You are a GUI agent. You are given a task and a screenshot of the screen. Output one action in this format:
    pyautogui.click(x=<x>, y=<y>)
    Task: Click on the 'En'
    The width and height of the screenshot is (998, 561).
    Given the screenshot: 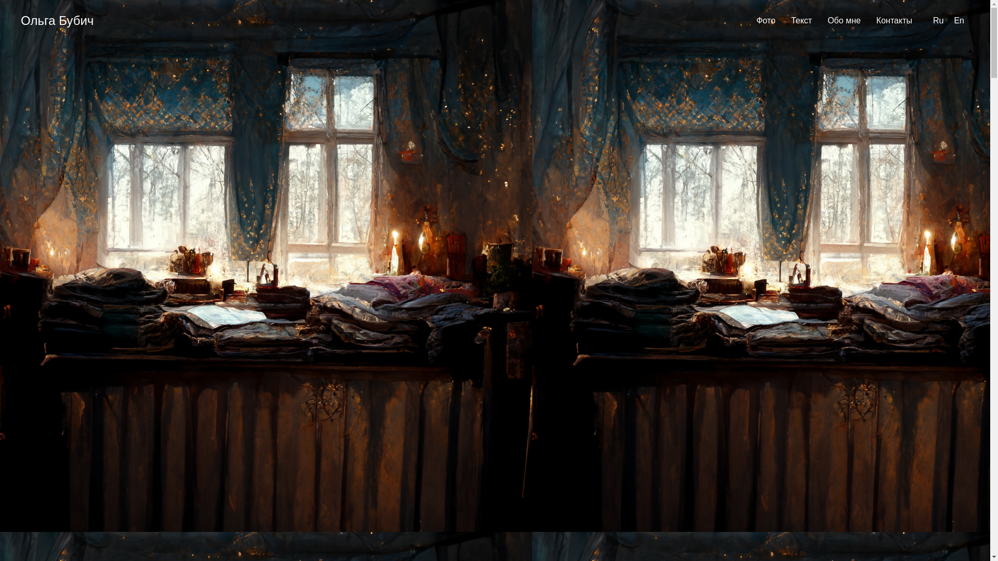 What is the action you would take?
    pyautogui.click(x=953, y=20)
    